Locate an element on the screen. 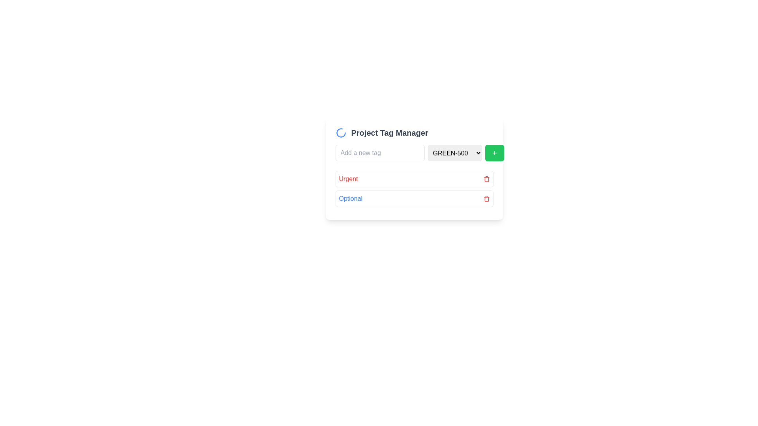 The image size is (758, 426). the text 'Urgent' on the Tag list item with delete functionality, which is styled in bold red and positioned above the 'Optional' bar is located at coordinates (414, 179).